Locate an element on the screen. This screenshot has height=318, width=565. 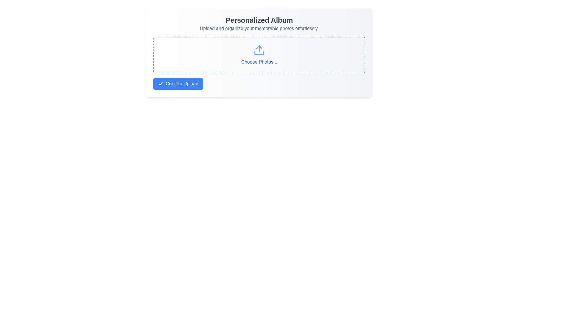
the upload action indicator icon, which is a blue icon with an upward pointing arrow, located at the center of the dashed-bordered area labeled 'Choose Photos...' is located at coordinates (259, 50).